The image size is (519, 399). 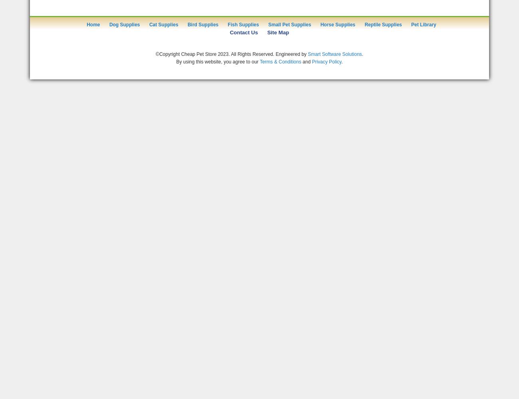 I want to click on 'Smart Software Solutions', so click(x=335, y=54).